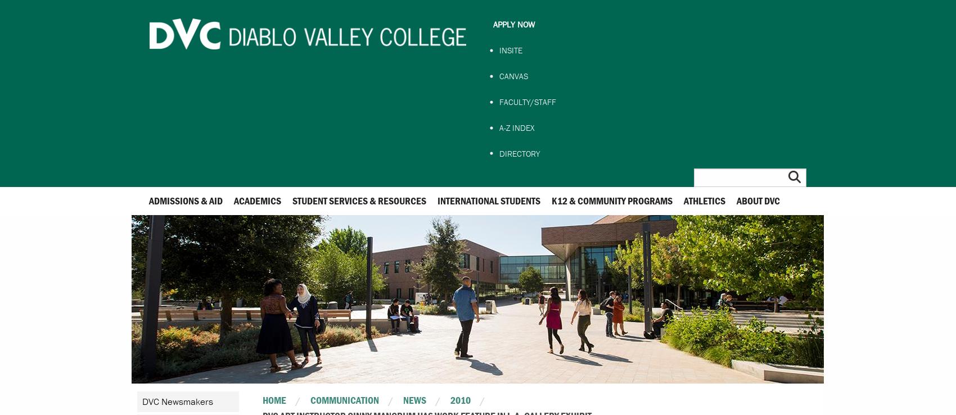  I want to click on 'Directory', so click(518, 152).